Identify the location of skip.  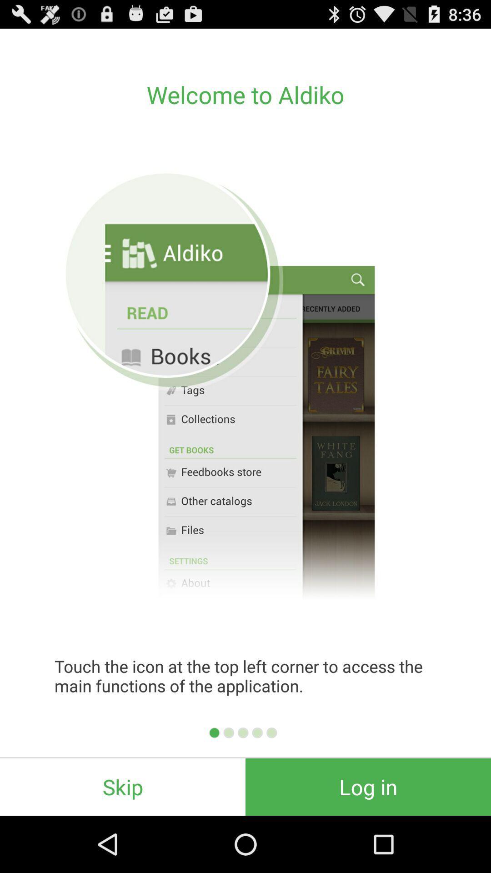
(123, 787).